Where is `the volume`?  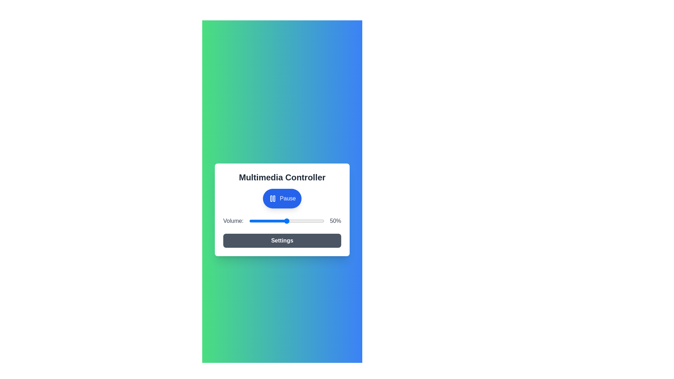 the volume is located at coordinates (312, 220).